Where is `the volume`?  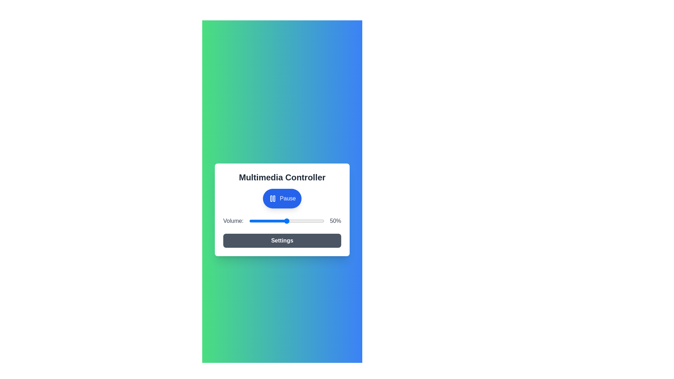 the volume is located at coordinates (312, 220).